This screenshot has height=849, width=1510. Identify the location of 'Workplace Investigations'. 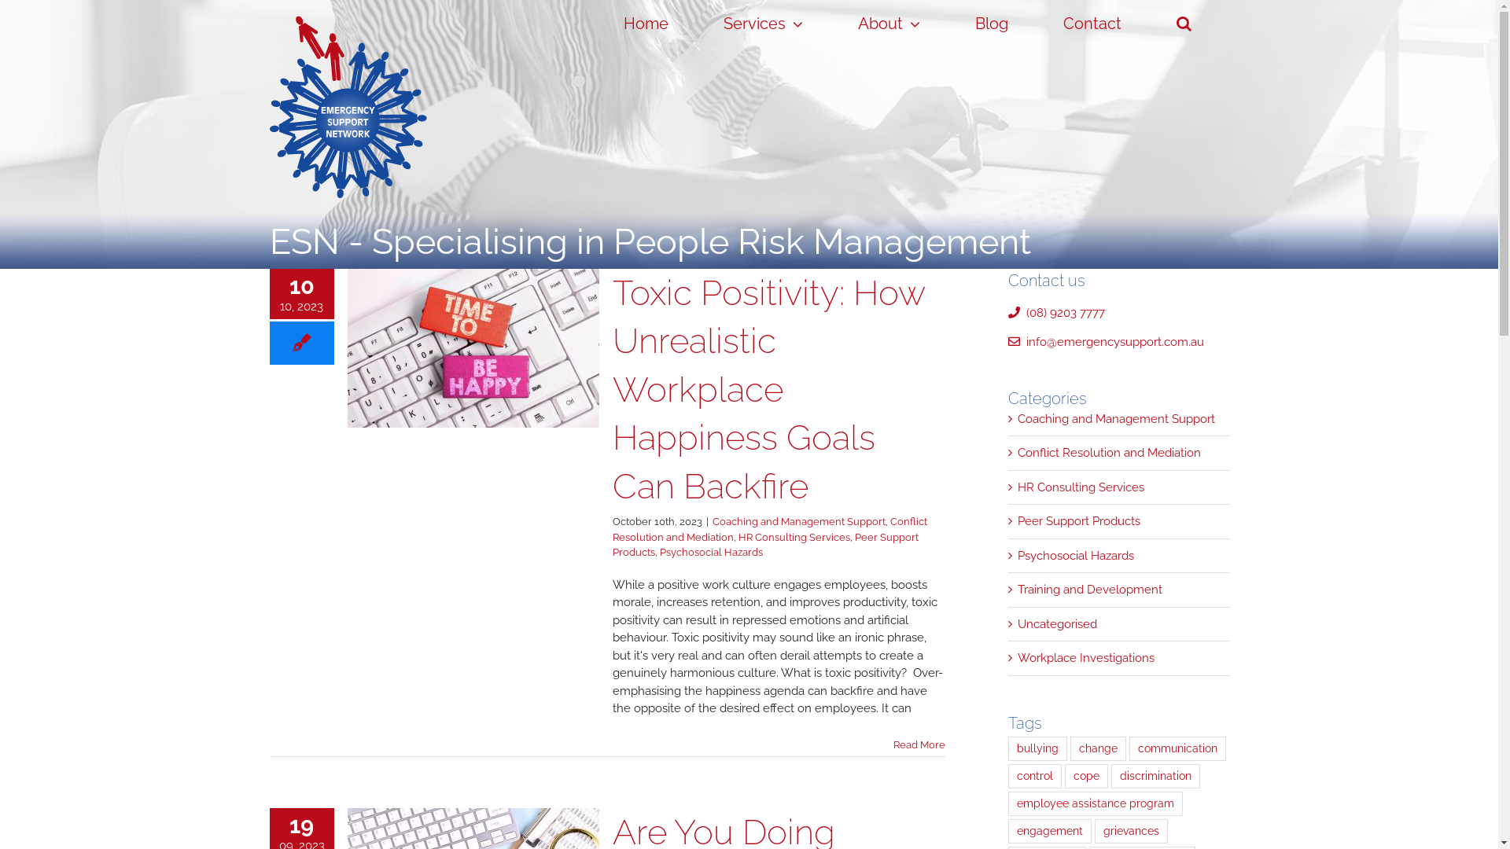
(1118, 658).